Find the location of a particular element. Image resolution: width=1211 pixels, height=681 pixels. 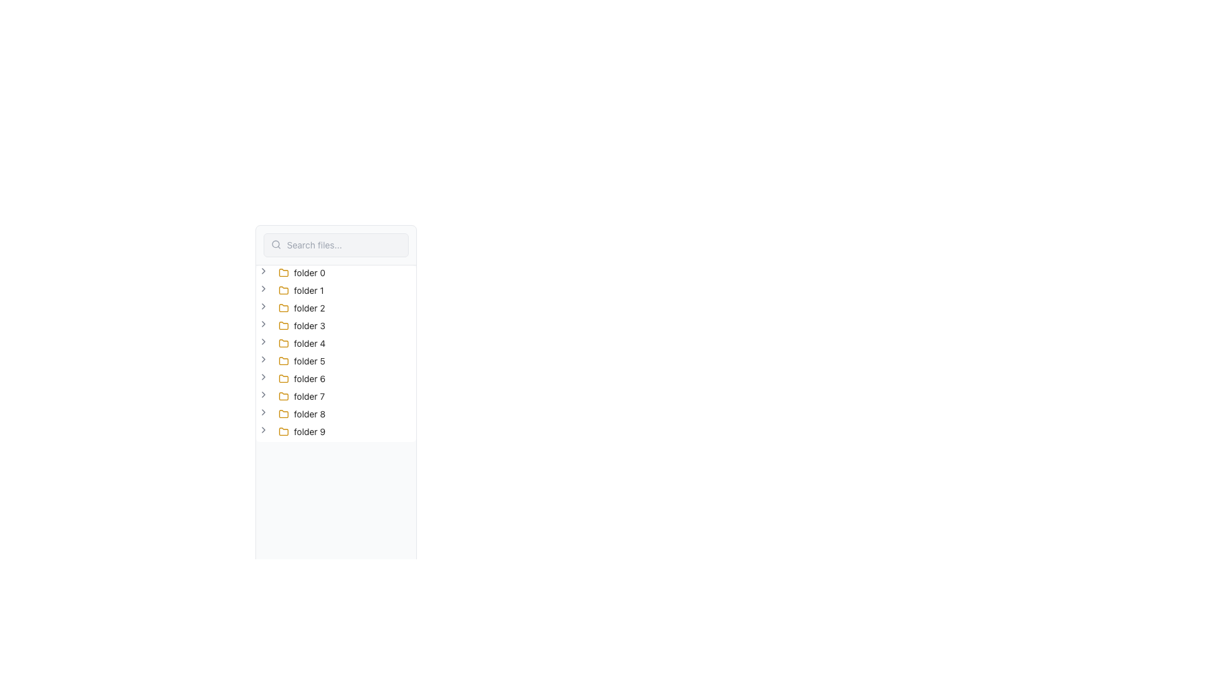

the right-facing chevron icon to the left of 'folder 7' in the tree-view structure is located at coordinates (262, 395).